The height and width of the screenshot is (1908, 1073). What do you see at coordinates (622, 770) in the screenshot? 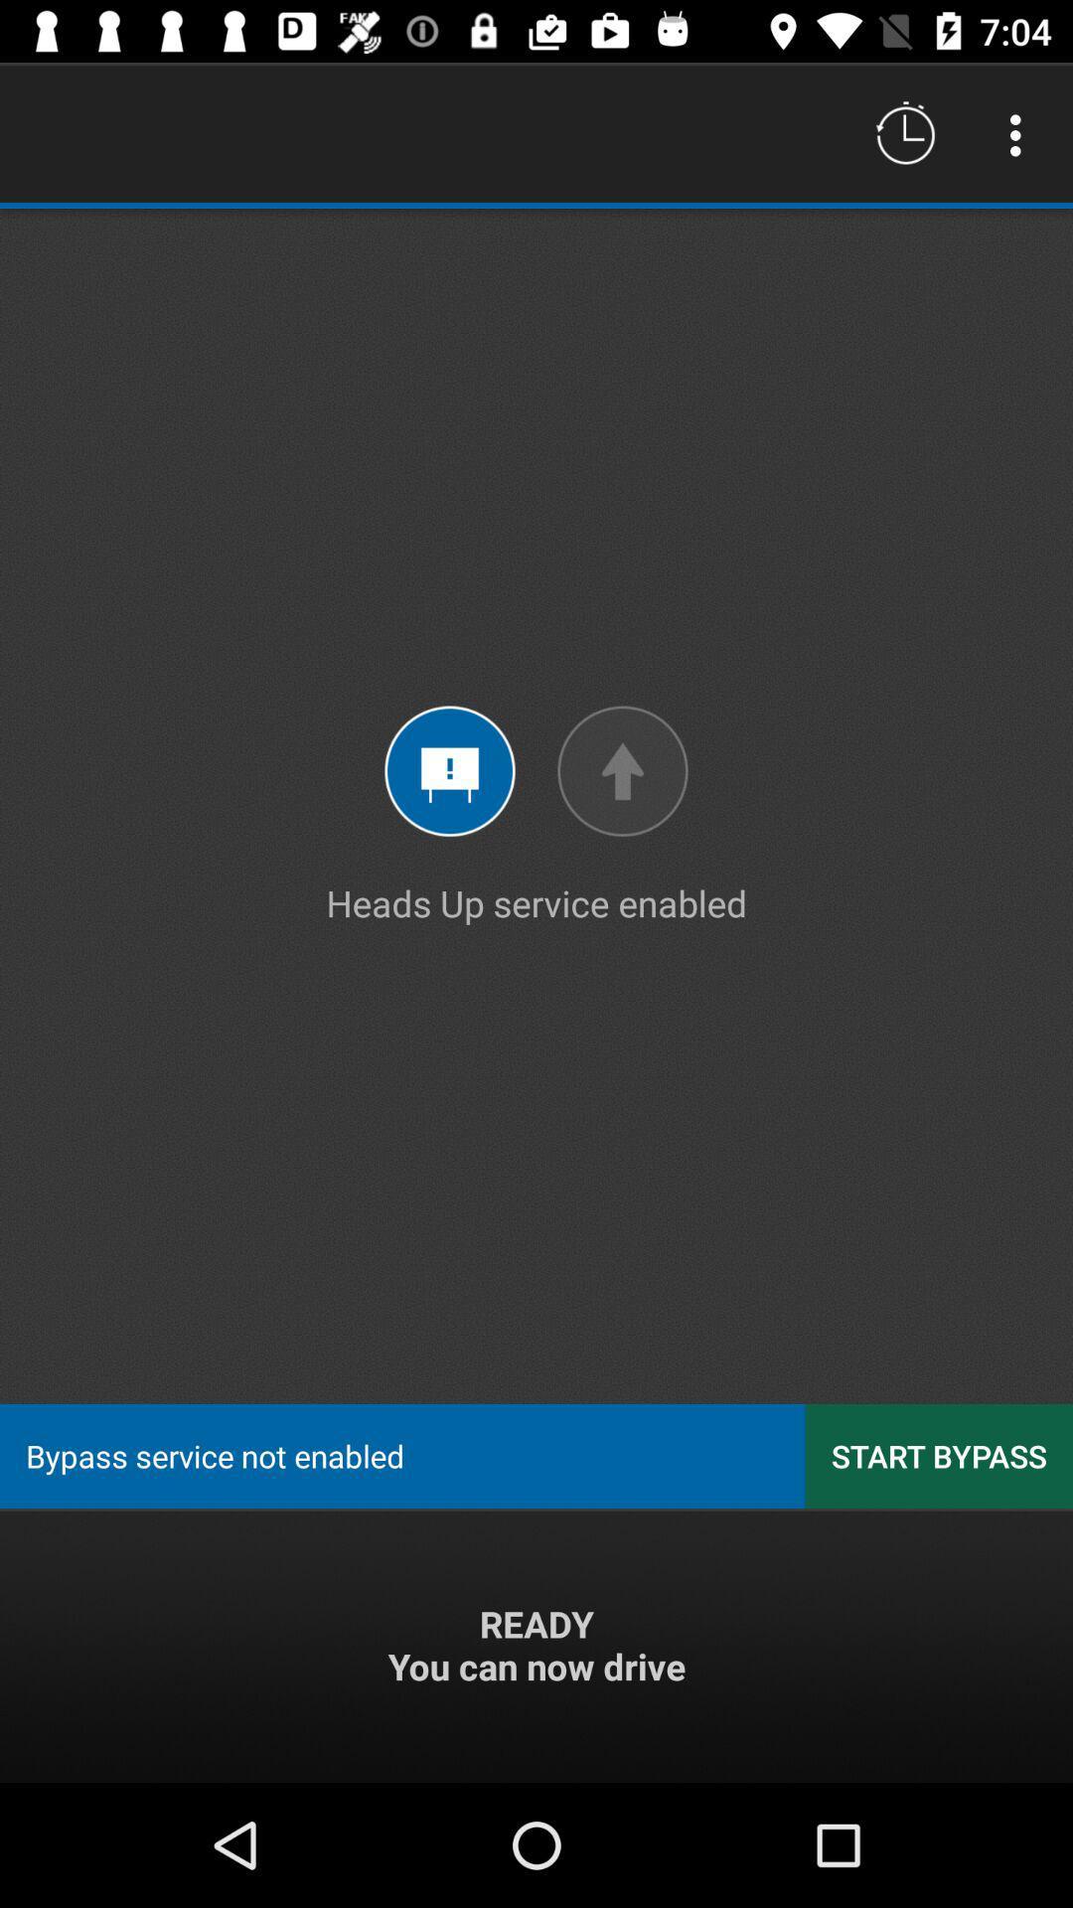
I see `the arrow_upward icon` at bounding box center [622, 770].